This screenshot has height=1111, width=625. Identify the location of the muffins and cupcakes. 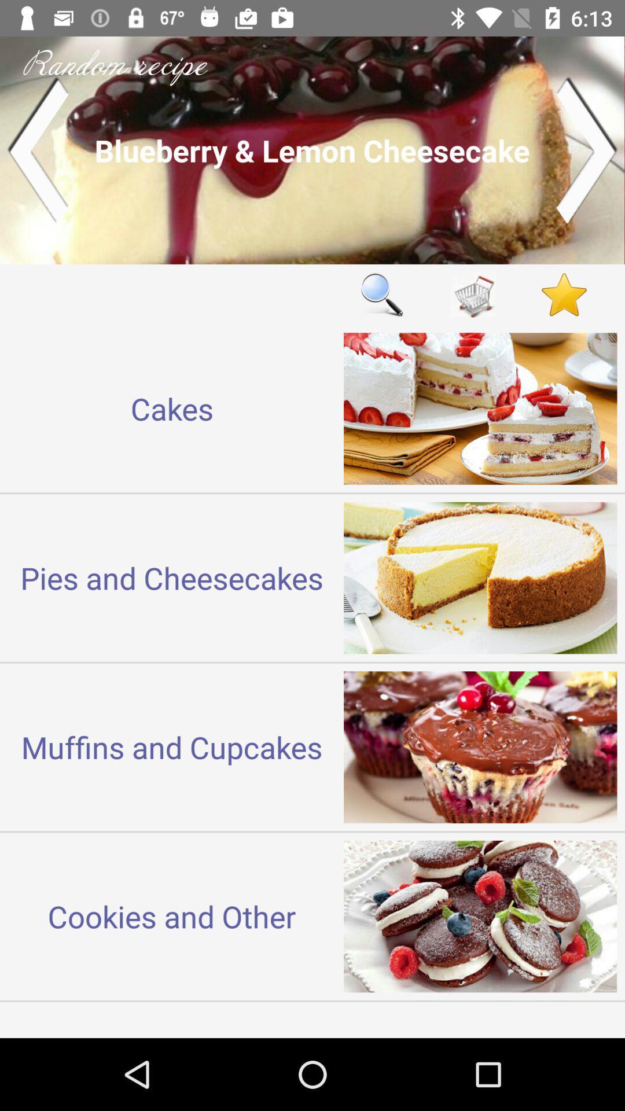
(172, 747).